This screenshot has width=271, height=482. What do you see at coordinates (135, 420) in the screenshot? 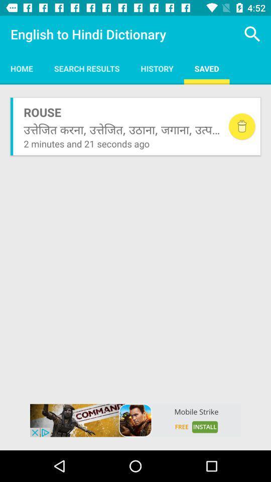
I see `advertisement` at bounding box center [135, 420].